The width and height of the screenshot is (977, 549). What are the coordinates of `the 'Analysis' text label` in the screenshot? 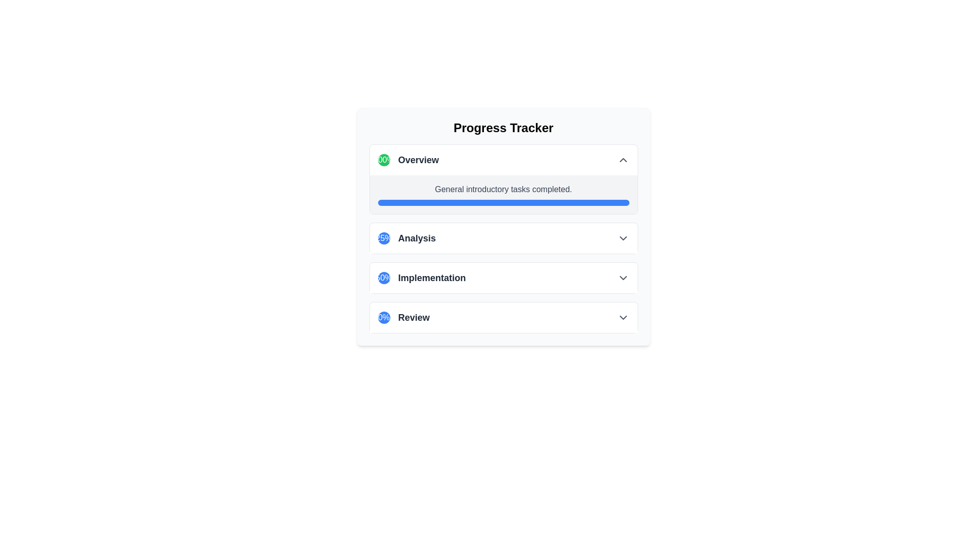 It's located at (417, 238).